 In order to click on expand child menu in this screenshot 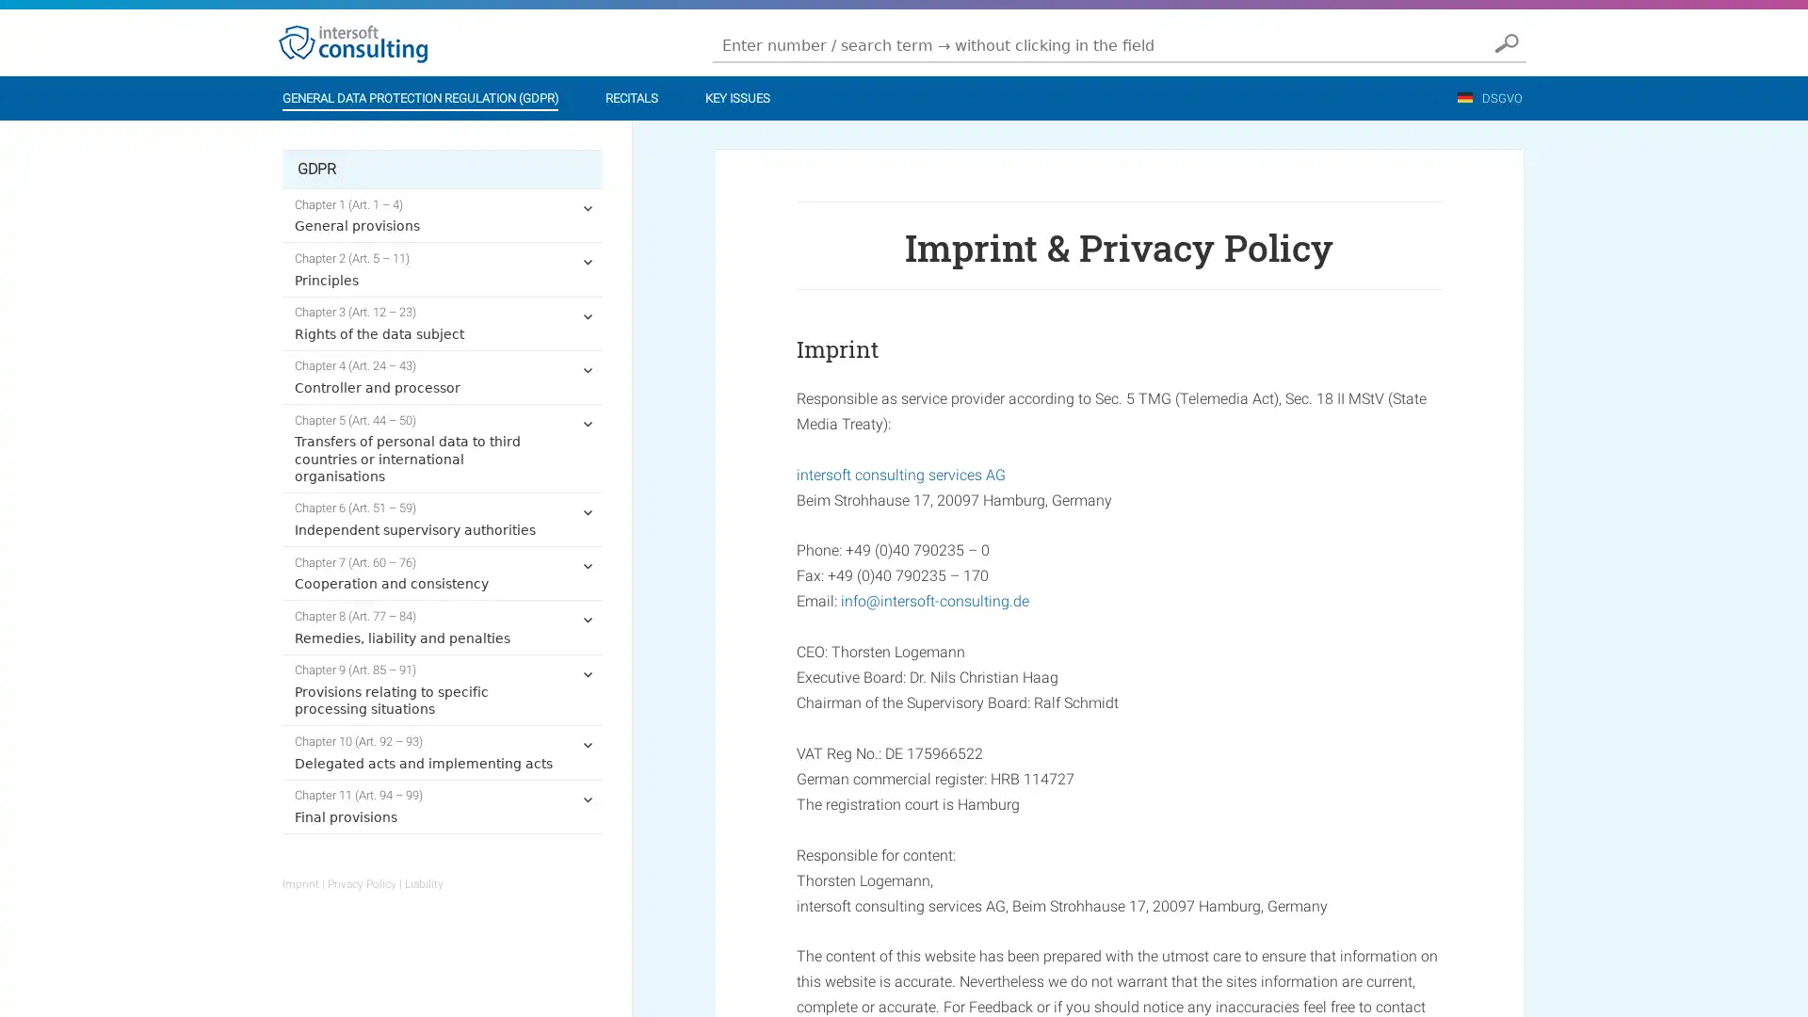, I will do `click(587, 492)`.